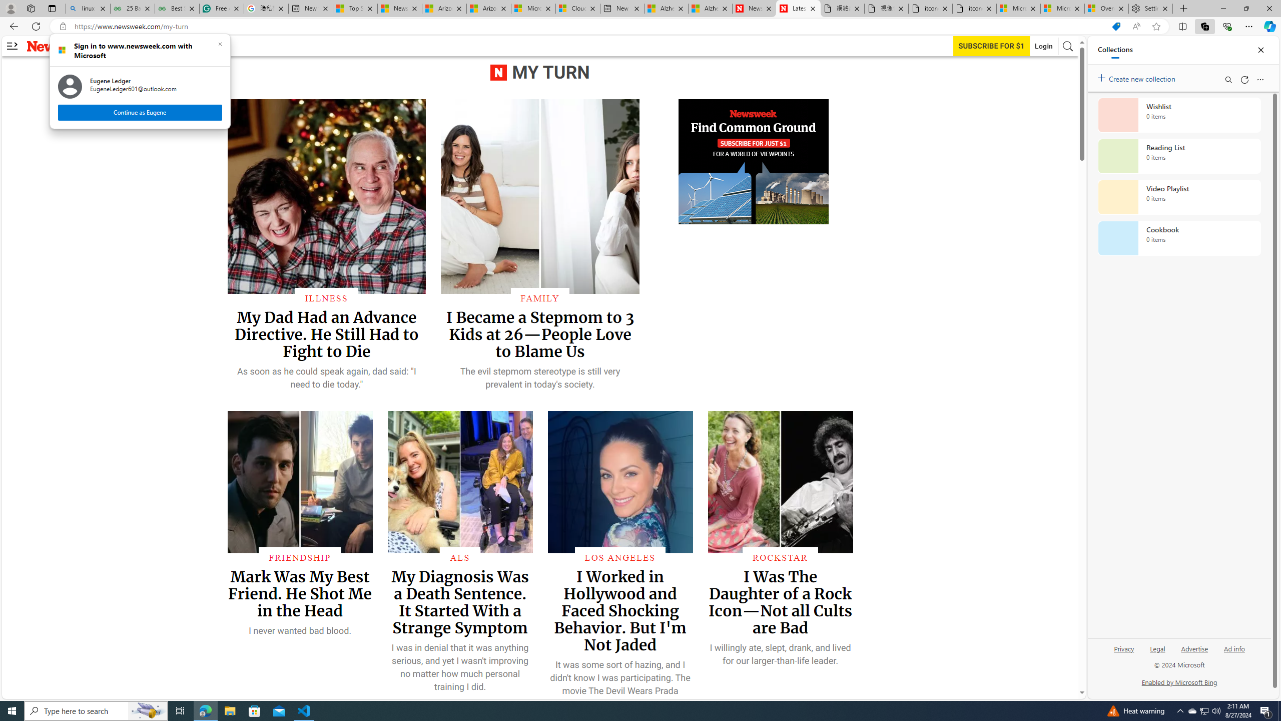  What do you see at coordinates (973, 8) in the screenshot?
I see `'itconcepthk.com/projector_solutions.mp4'` at bounding box center [973, 8].